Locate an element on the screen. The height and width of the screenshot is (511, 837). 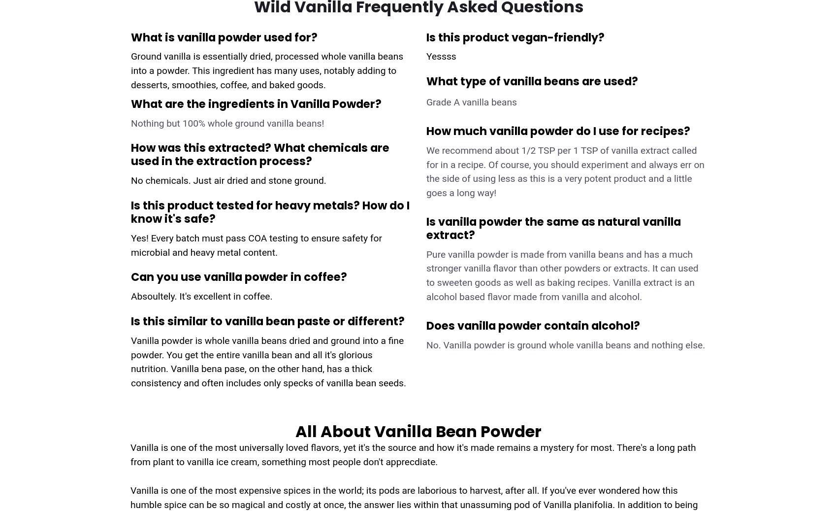
'Is this product vegan-friendly?' is located at coordinates (515, 36).